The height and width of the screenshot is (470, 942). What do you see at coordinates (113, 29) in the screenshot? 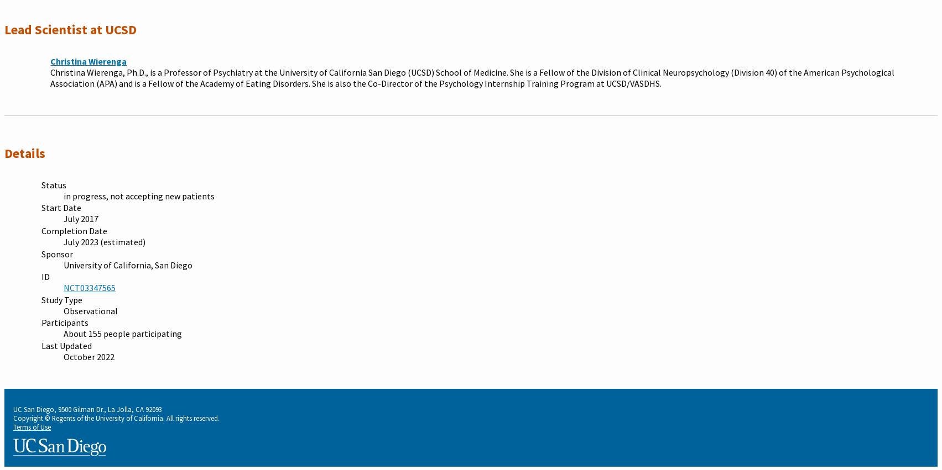
I see `'at UCSD'` at bounding box center [113, 29].